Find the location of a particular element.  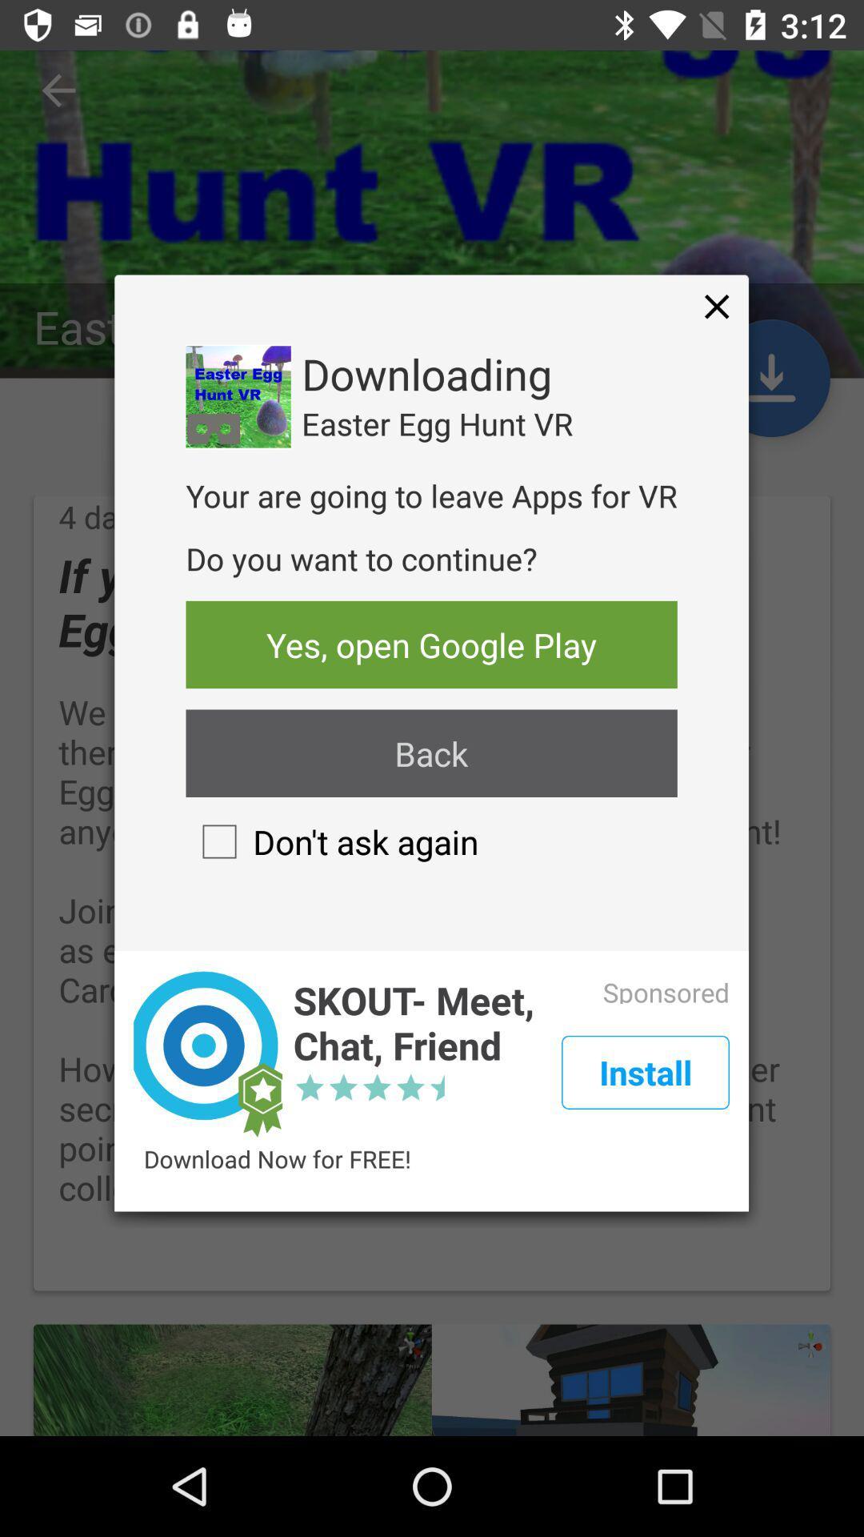

yes open google icon is located at coordinates (430, 644).